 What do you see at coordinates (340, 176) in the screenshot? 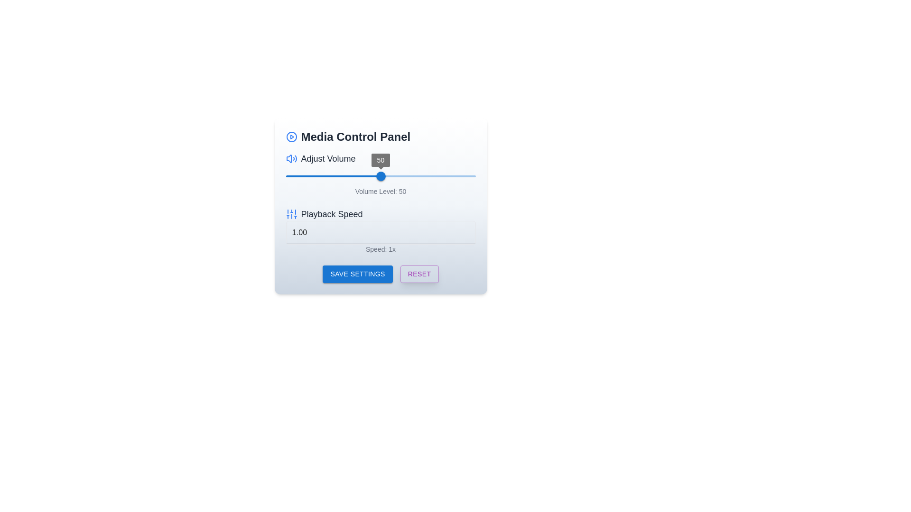
I see `the volume level` at bounding box center [340, 176].